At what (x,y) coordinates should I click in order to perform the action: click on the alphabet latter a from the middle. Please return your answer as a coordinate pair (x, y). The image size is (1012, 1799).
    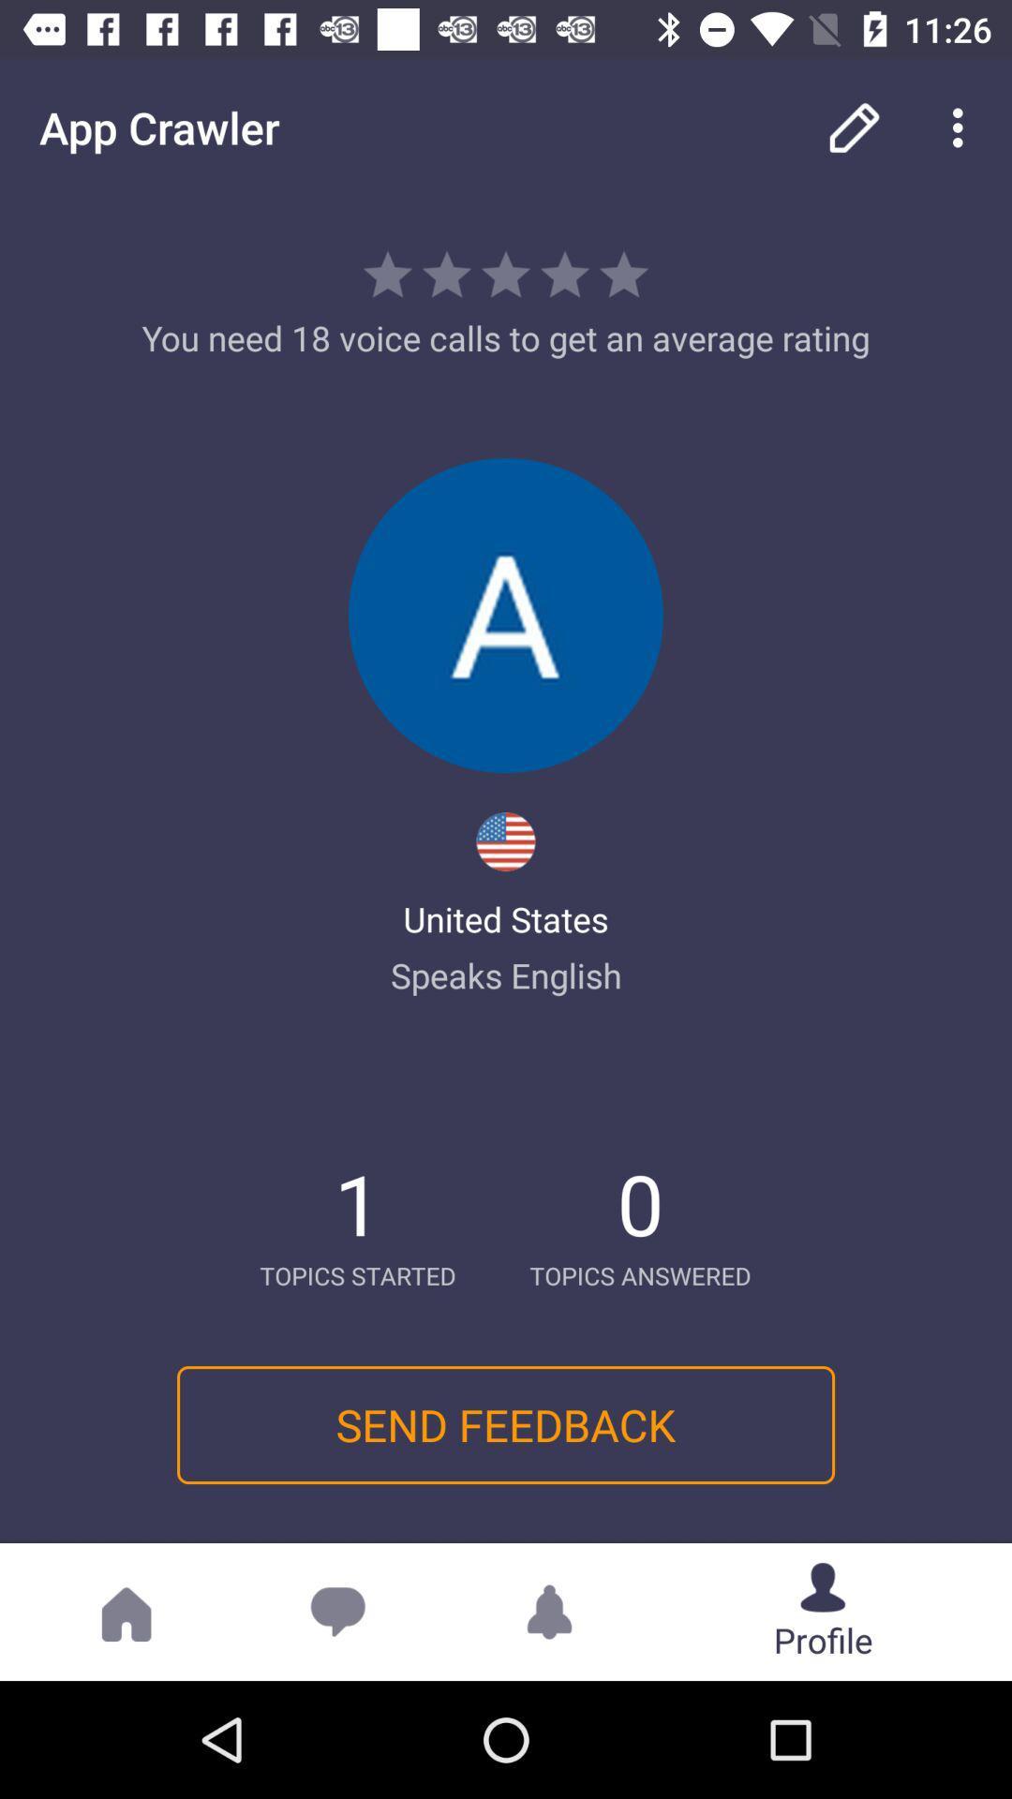
    Looking at the image, I should click on (506, 616).